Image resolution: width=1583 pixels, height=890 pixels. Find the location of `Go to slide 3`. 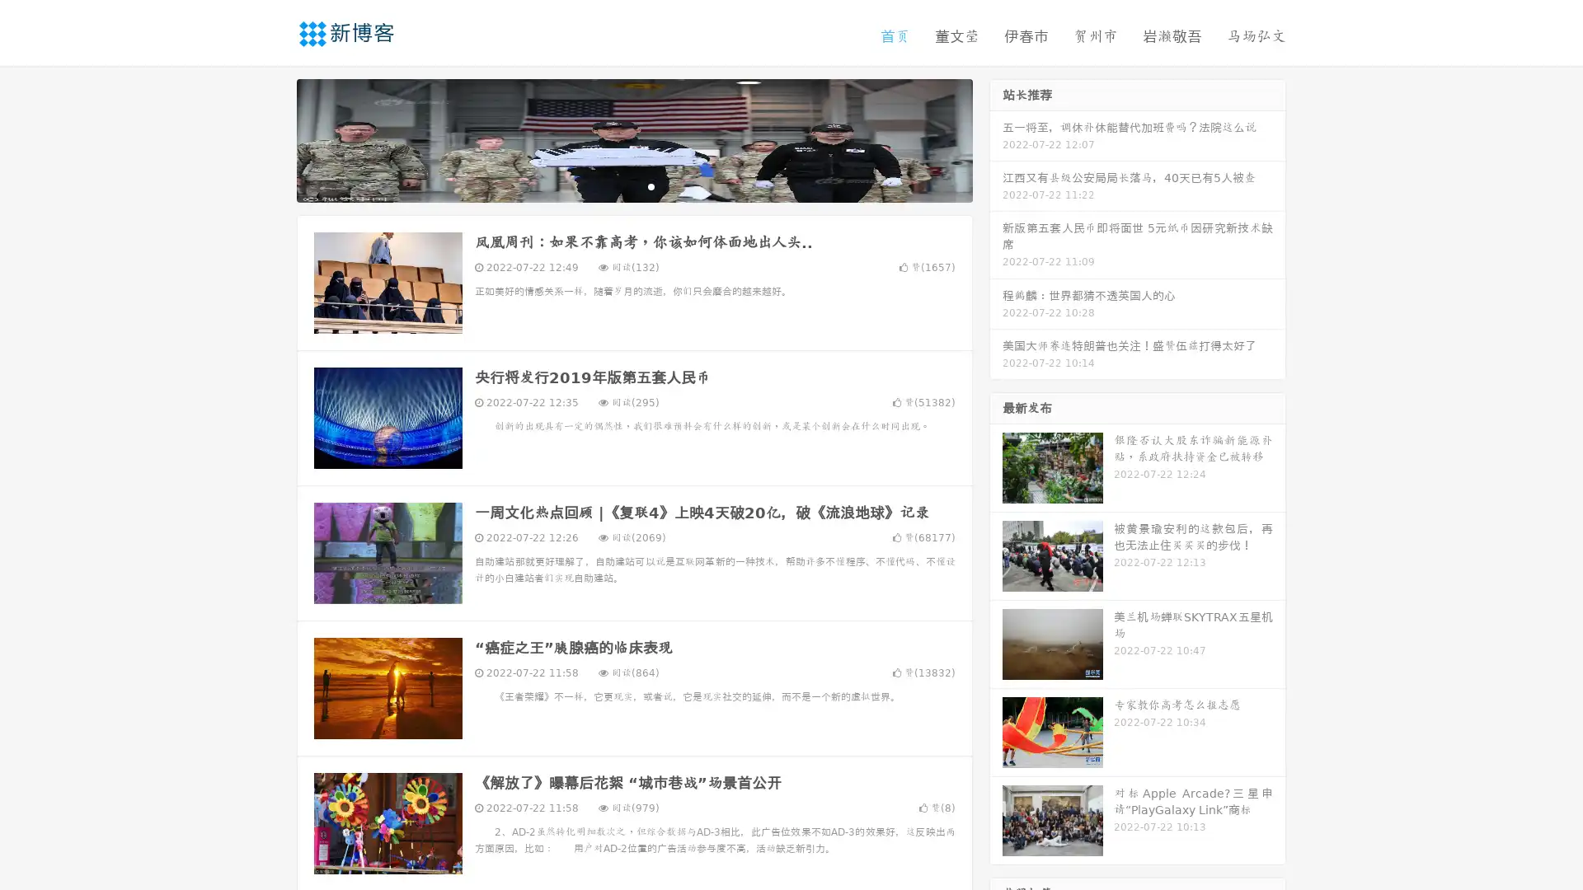

Go to slide 3 is located at coordinates (651, 185).